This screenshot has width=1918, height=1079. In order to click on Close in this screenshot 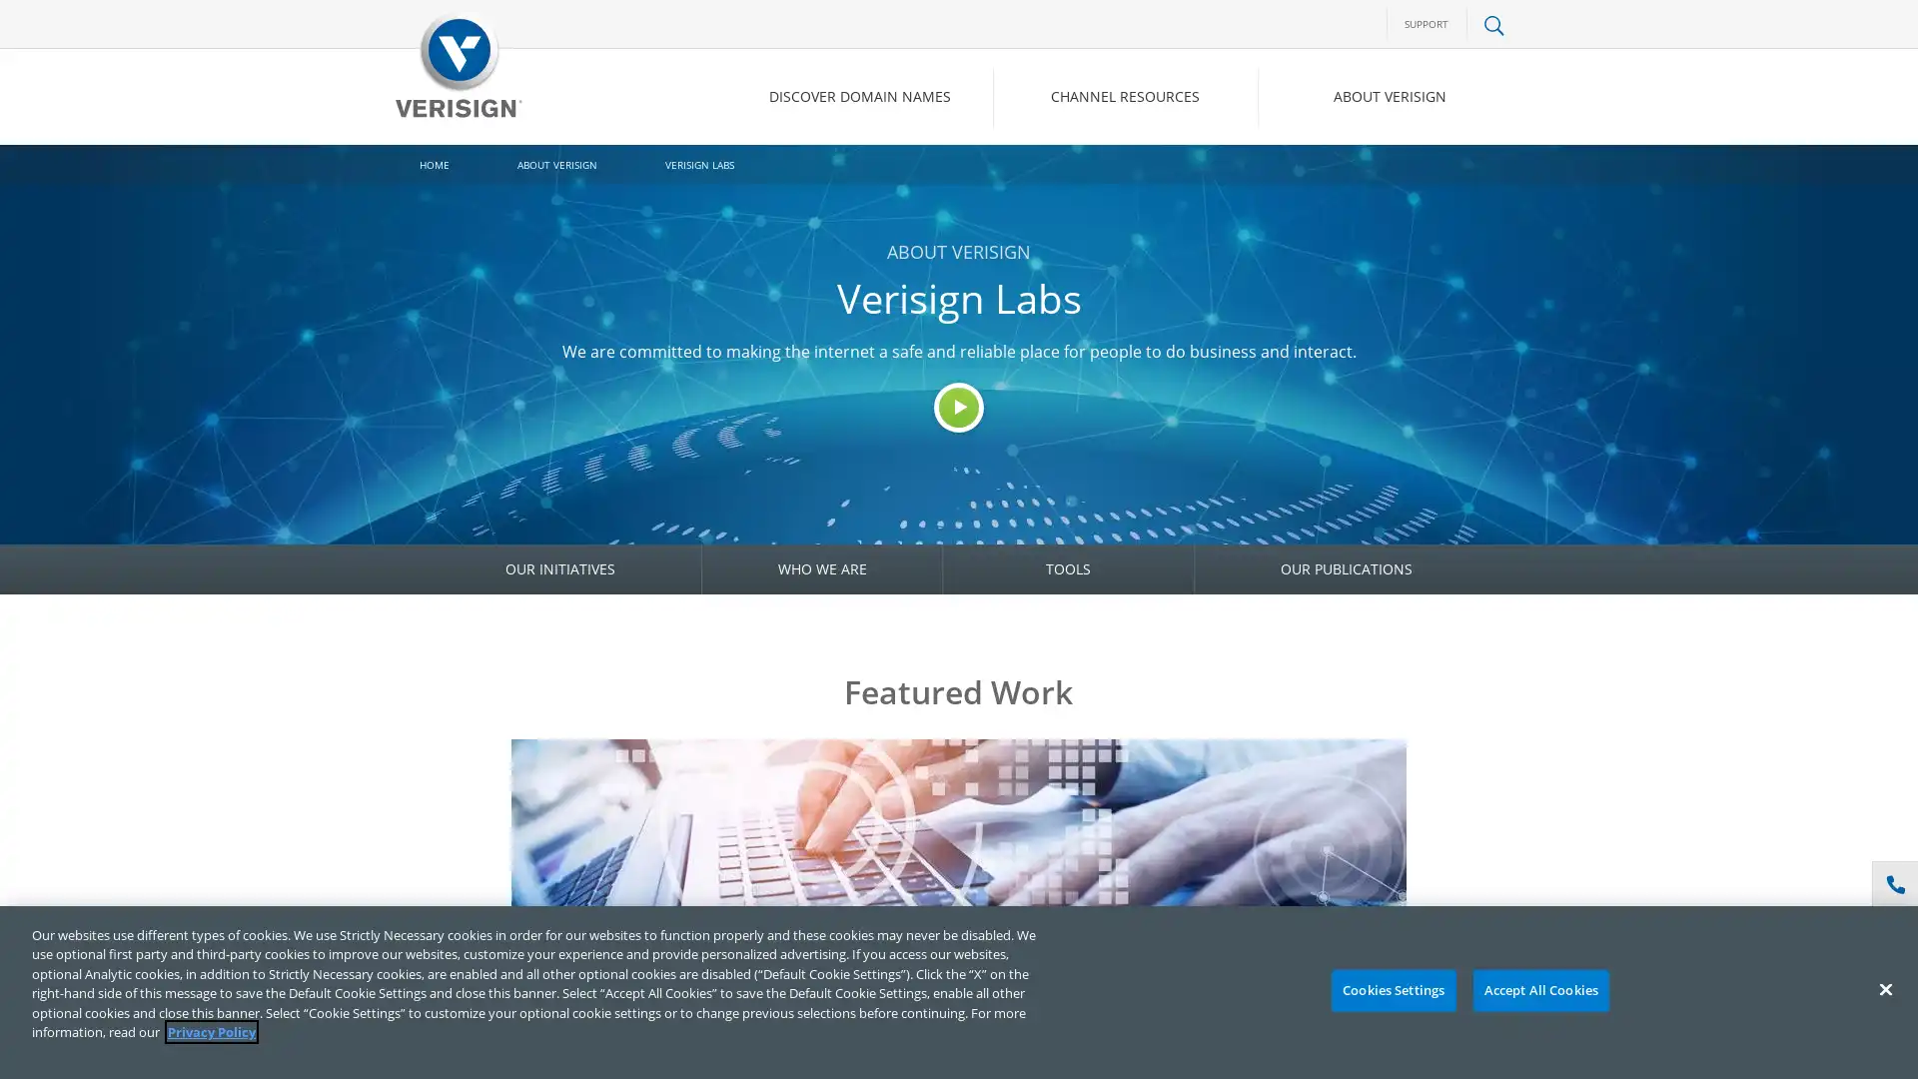, I will do `click(1884, 989)`.